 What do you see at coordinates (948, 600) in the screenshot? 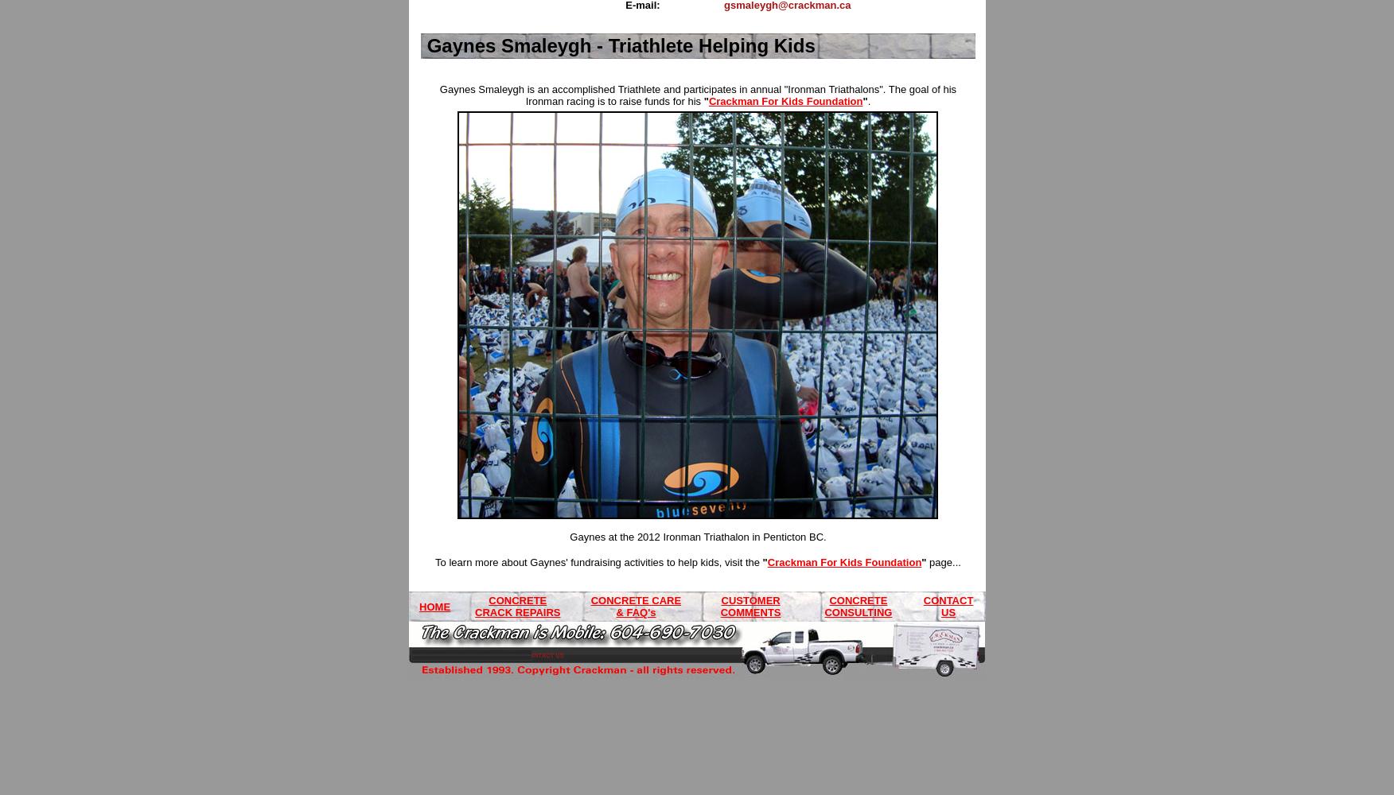
I see `'CONTACT'` at bounding box center [948, 600].